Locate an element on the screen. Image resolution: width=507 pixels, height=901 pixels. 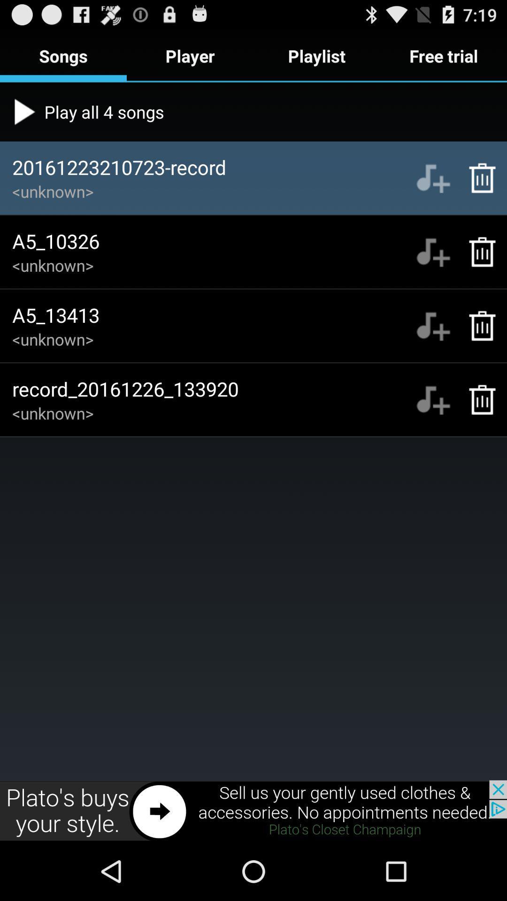
autoplay option is located at coordinates (433, 178).